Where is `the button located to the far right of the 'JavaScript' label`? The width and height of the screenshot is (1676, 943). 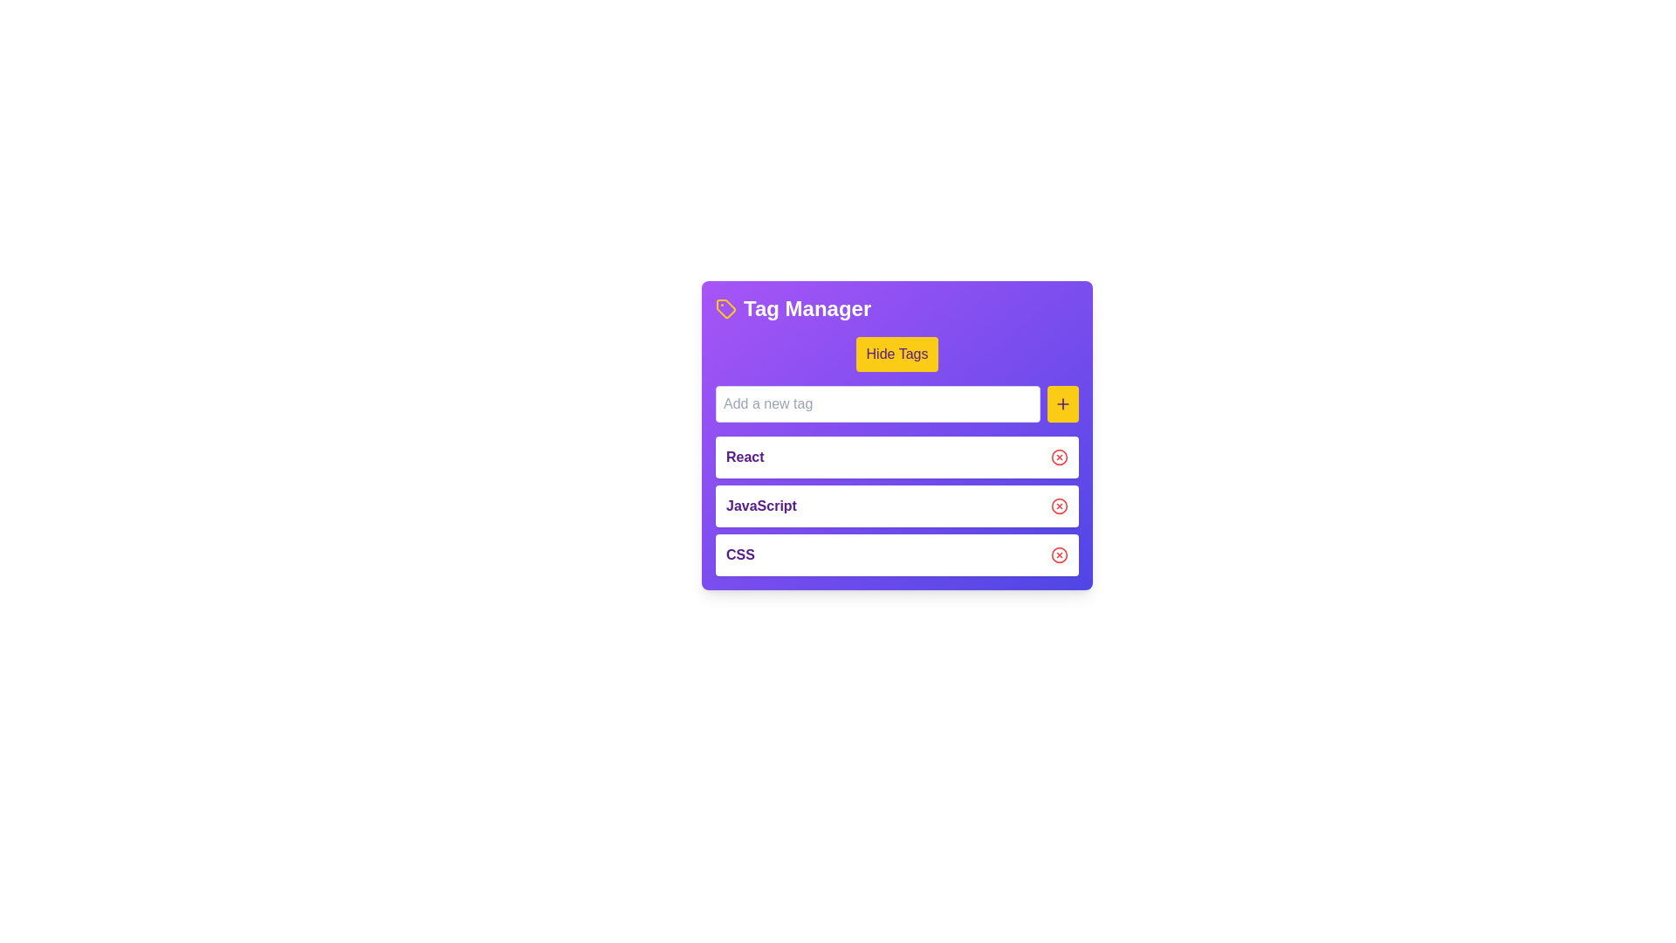 the button located to the far right of the 'JavaScript' label is located at coordinates (1059, 506).